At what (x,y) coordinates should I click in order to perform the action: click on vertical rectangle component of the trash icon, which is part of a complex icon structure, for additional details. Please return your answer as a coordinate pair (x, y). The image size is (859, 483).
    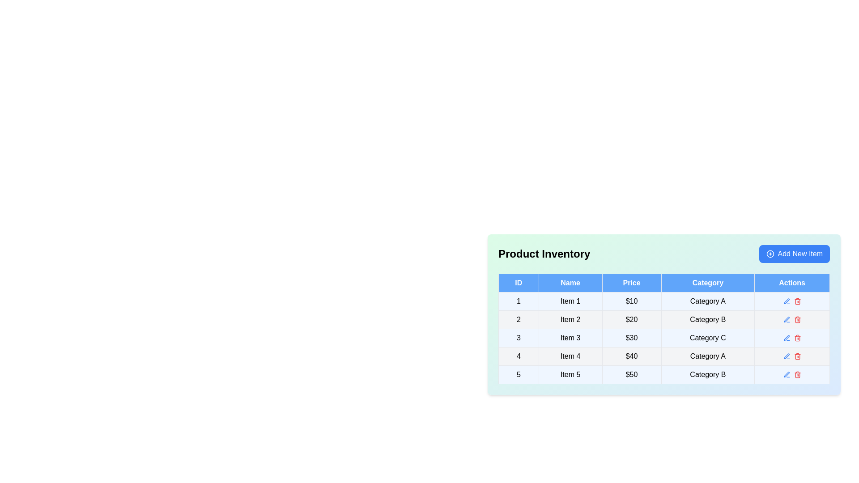
    Looking at the image, I should click on (797, 320).